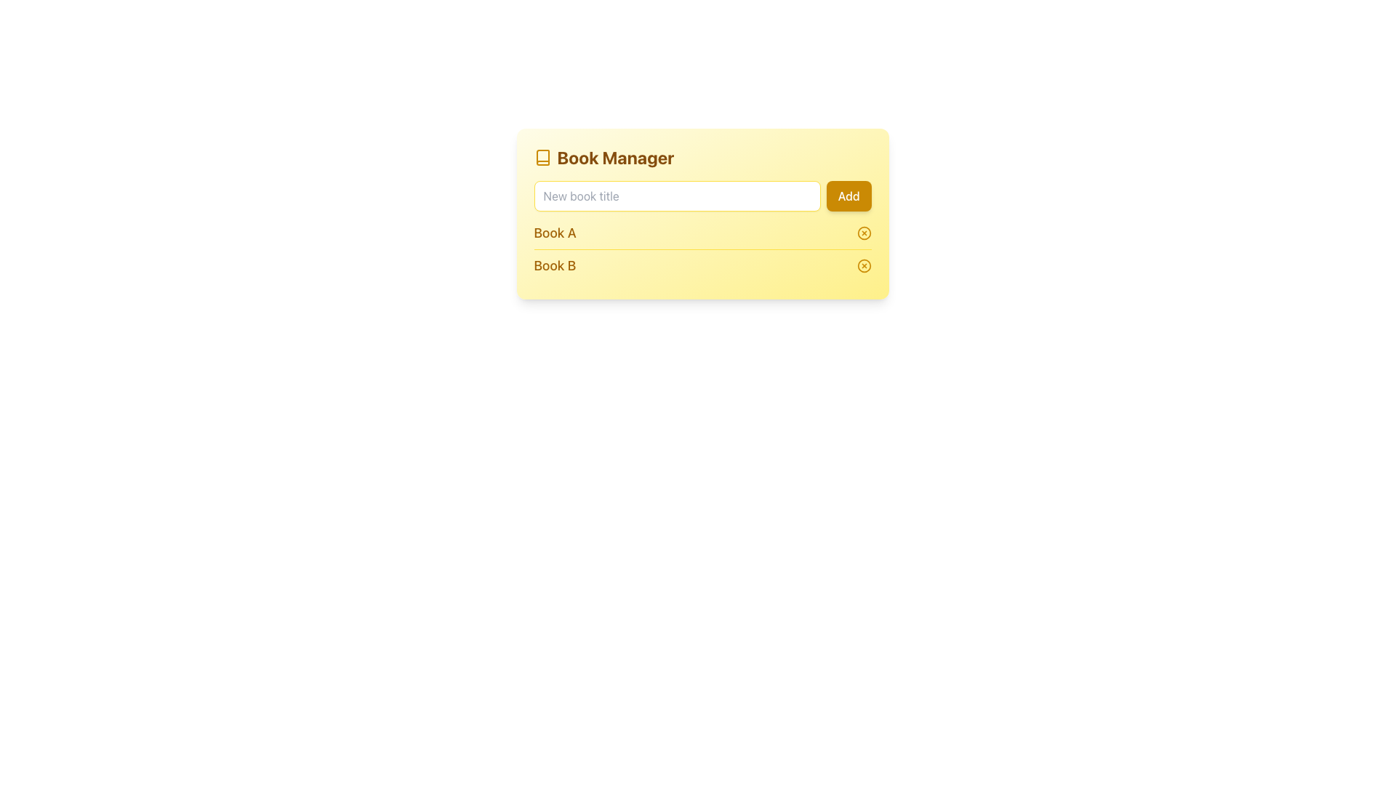 The image size is (1396, 785). Describe the element at coordinates (864, 266) in the screenshot. I see `the circular part of the dismiss or close icon for the 'Book B' entry, located on the right side of the second item in the visible list` at that location.